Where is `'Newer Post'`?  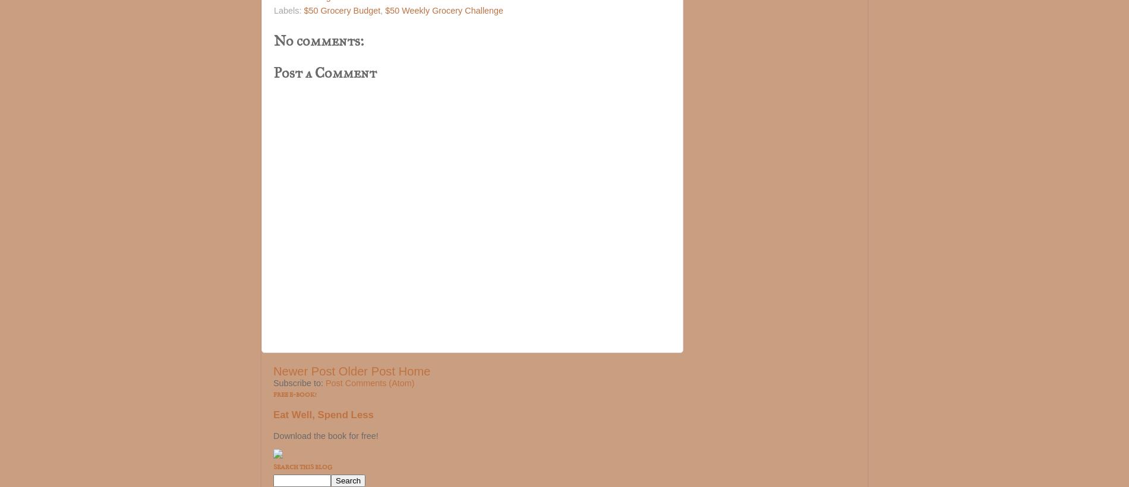 'Newer Post' is located at coordinates (304, 371).